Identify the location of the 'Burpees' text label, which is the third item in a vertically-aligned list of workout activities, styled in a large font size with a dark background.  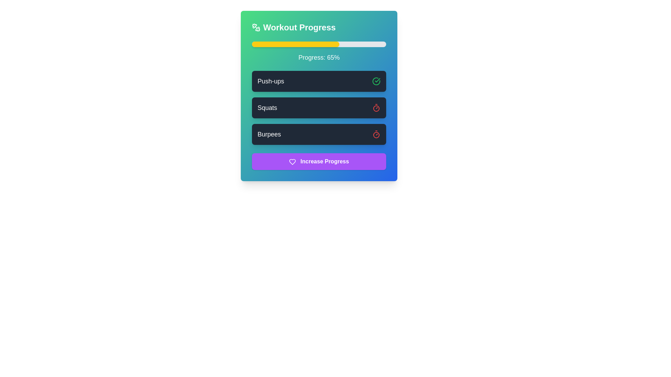
(269, 134).